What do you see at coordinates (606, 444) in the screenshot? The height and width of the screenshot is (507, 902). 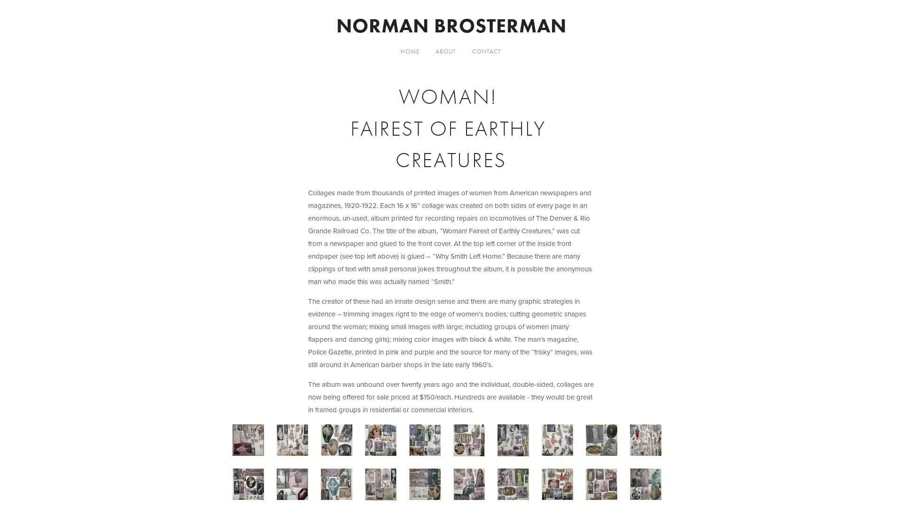 I see `View fullsize Smith 36.jpg` at bounding box center [606, 444].